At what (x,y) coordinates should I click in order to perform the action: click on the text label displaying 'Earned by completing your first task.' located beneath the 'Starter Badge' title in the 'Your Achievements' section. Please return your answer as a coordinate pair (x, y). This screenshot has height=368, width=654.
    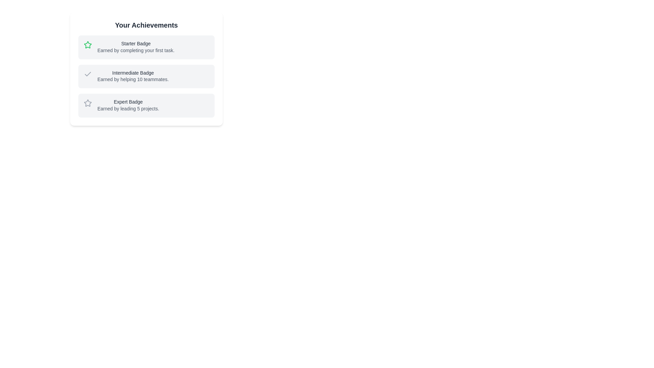
    Looking at the image, I should click on (136, 50).